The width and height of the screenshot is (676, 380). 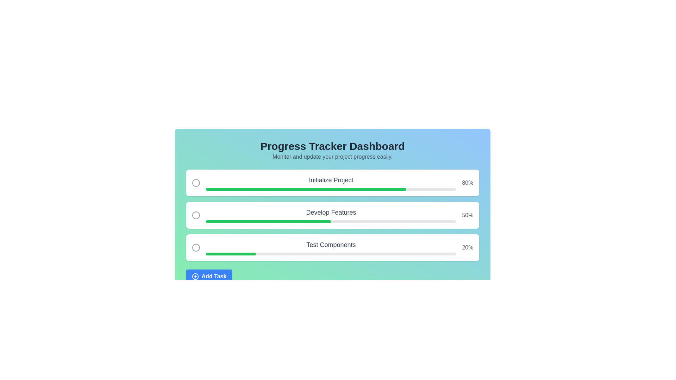 I want to click on the progress bars within the Dashboard overview panel titled 'Progress Tracker Dashboard', so click(x=332, y=211).